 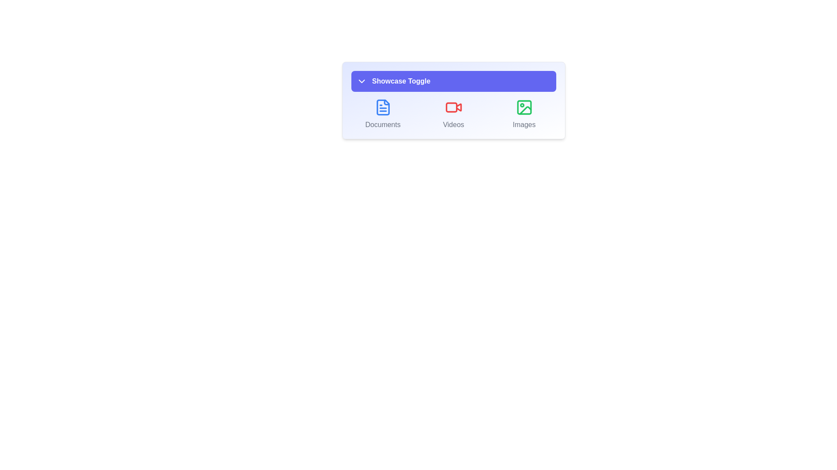 What do you see at coordinates (383, 107) in the screenshot?
I see `the Decorative icon representing the 'Documents' section, which is the topmost layer among the three similar icons in the UI, located under 'Showcase Toggle'` at bounding box center [383, 107].